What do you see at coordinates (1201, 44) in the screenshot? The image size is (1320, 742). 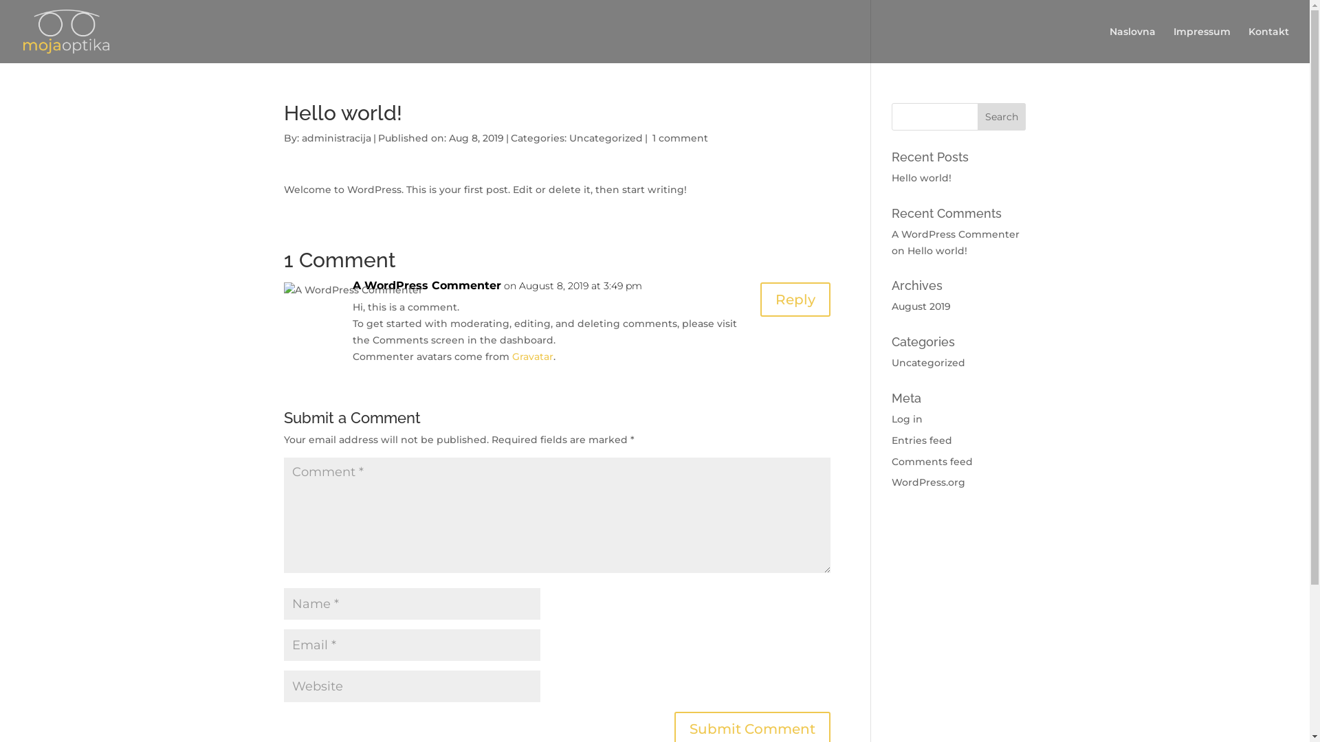 I see `'Impressum'` at bounding box center [1201, 44].